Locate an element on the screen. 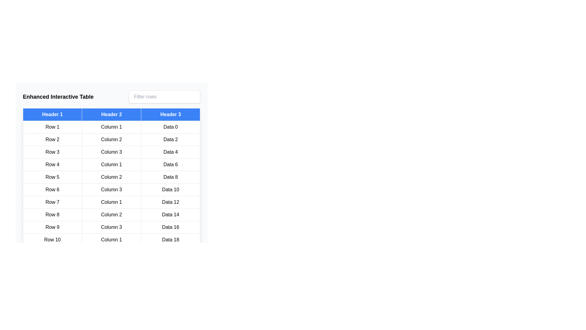 The width and height of the screenshot is (586, 330). the header Header 3 to interact with the table column is located at coordinates (171, 114).